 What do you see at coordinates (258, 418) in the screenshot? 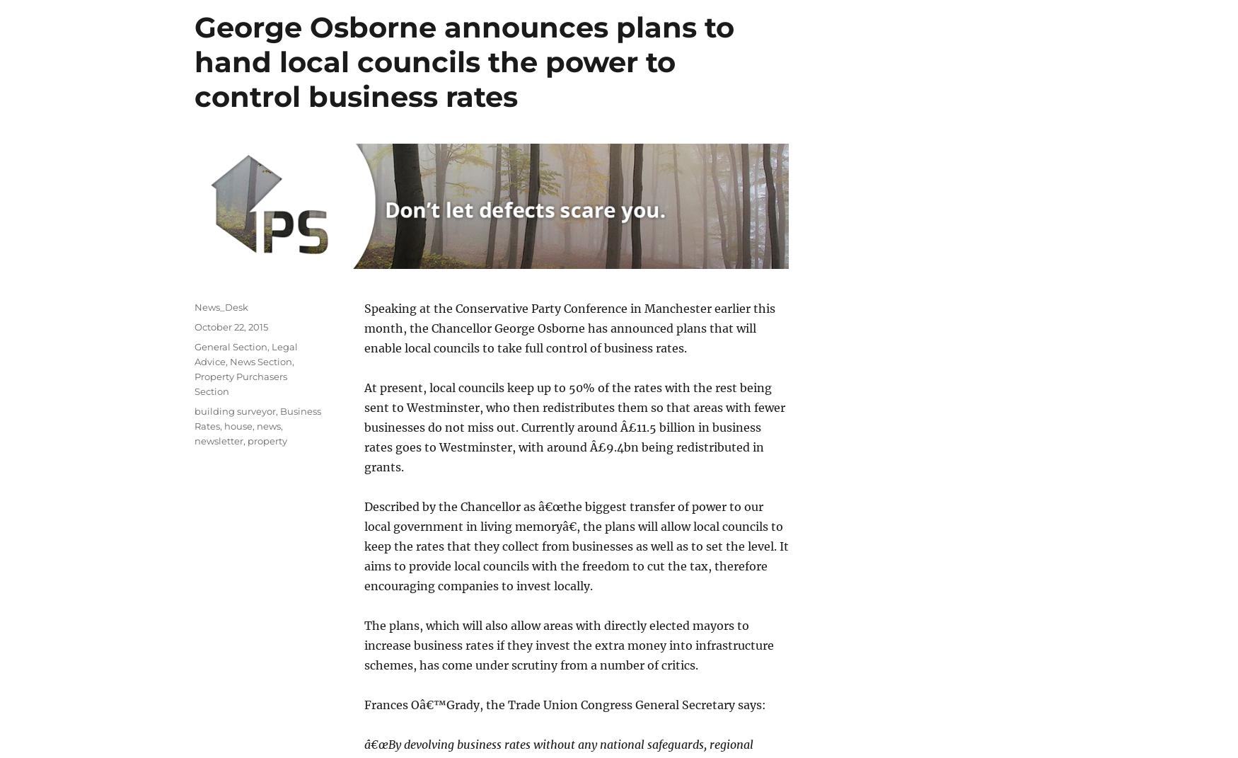
I see `'Business Rates'` at bounding box center [258, 418].